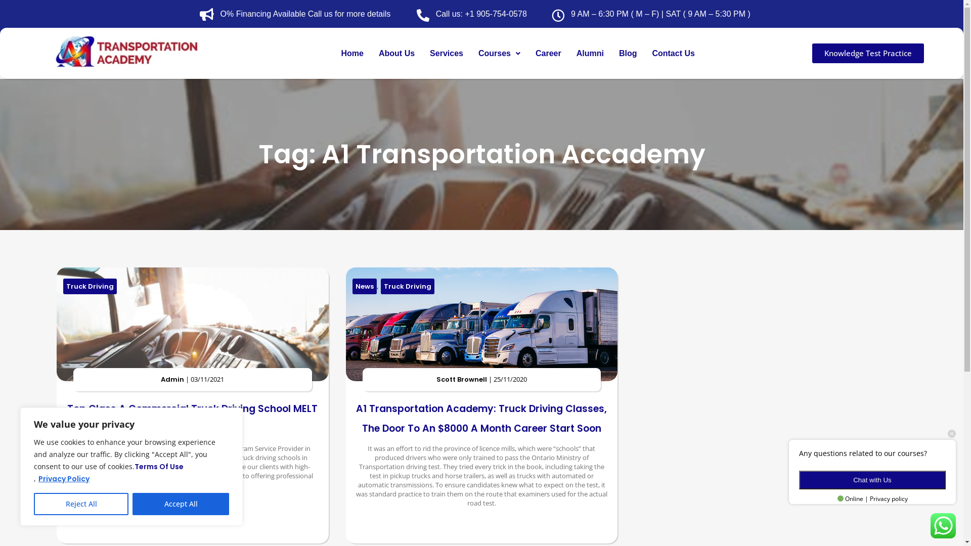 This screenshot has height=546, width=971. Describe the element at coordinates (132, 504) in the screenshot. I see `'Accept All'` at that location.